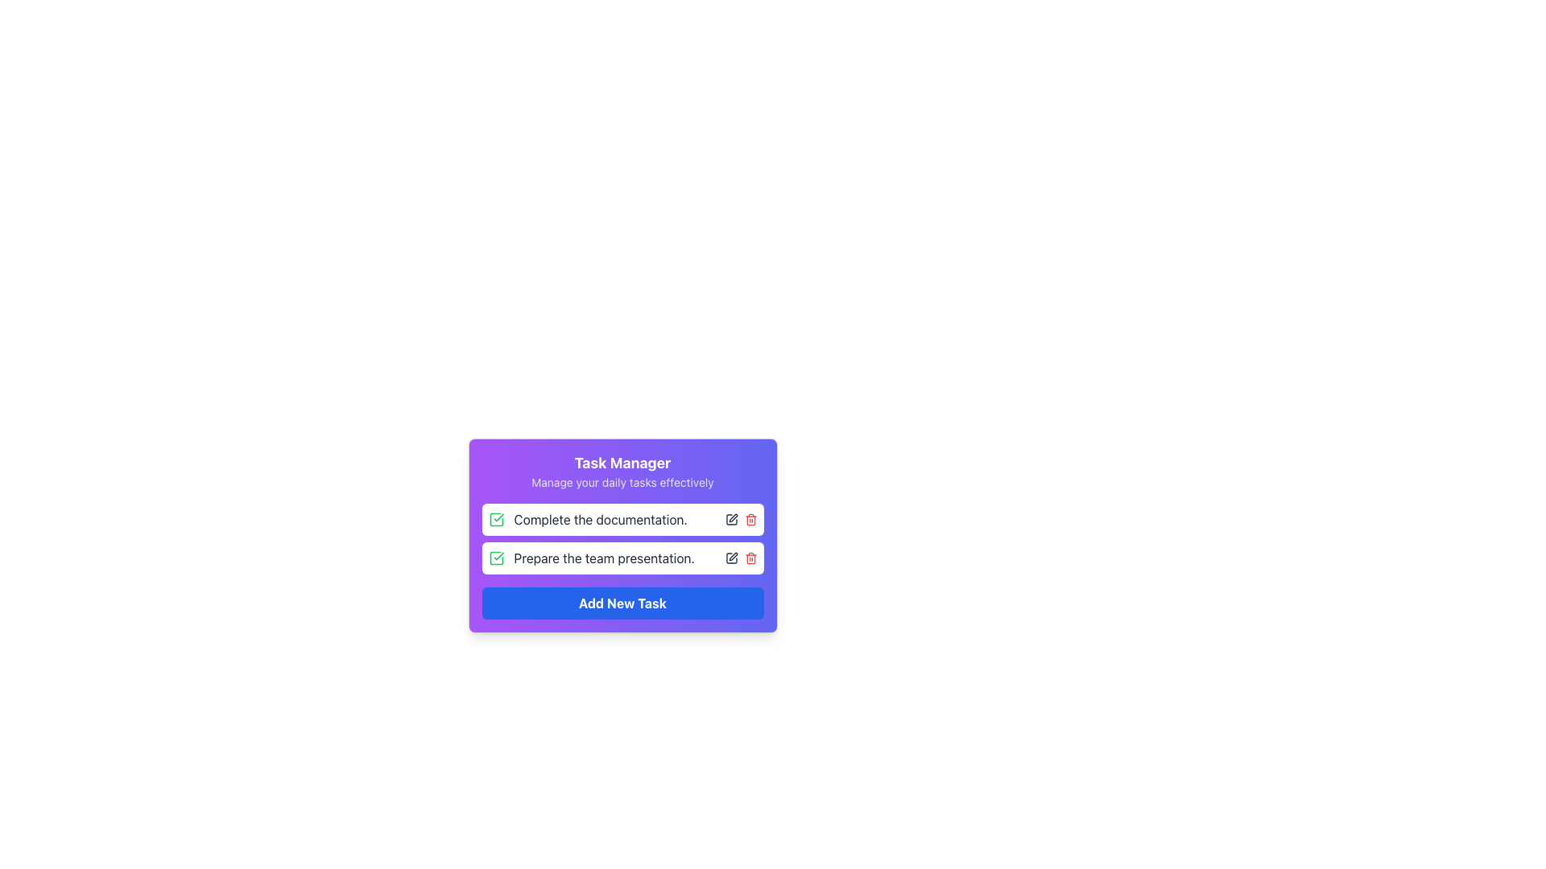  Describe the element at coordinates (622, 482) in the screenshot. I see `the static text element that provides a descriptive tagline about the 'Task Manager', located directly below the title and centrally positioned in the widget` at that location.